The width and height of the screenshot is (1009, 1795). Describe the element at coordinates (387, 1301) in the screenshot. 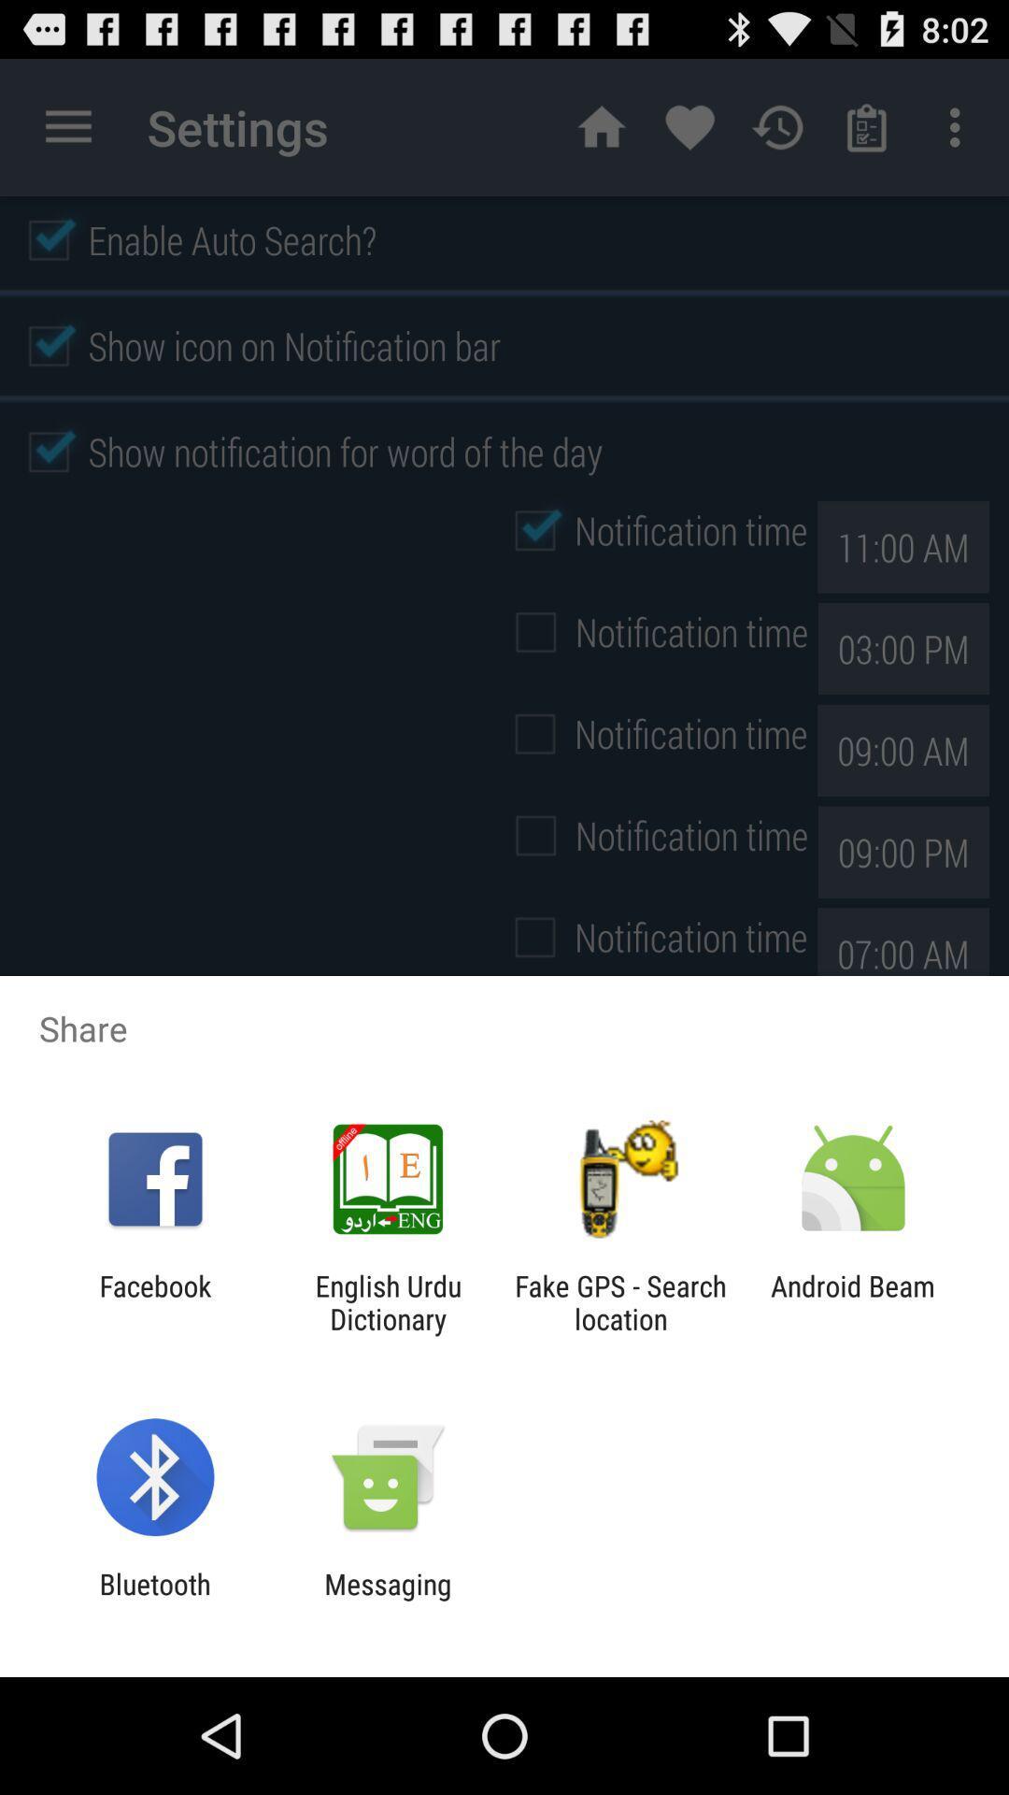

I see `the icon next to fake gps search app` at that location.